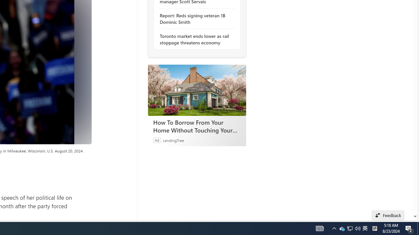 This screenshot has height=235, width=419. I want to click on 'Q2790: 100%', so click(357, 228).